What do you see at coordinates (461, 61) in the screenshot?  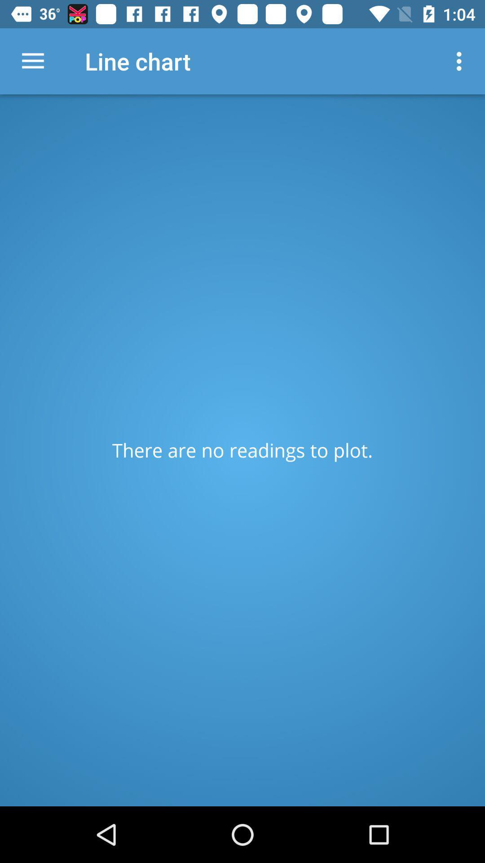 I see `the item next to the line chart` at bounding box center [461, 61].